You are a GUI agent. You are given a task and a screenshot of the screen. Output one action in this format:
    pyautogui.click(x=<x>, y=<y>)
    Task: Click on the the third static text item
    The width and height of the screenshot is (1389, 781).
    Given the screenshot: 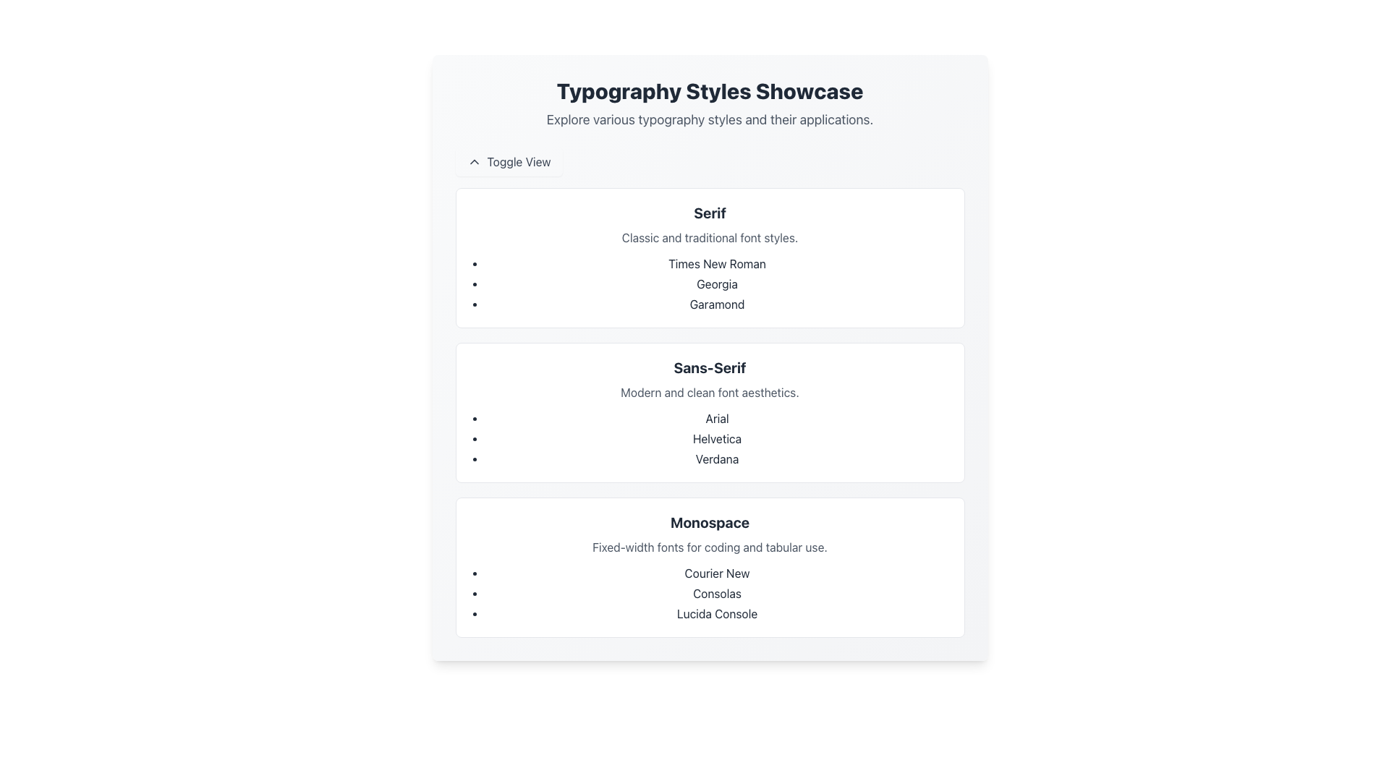 What is the action you would take?
    pyautogui.click(x=717, y=613)
    